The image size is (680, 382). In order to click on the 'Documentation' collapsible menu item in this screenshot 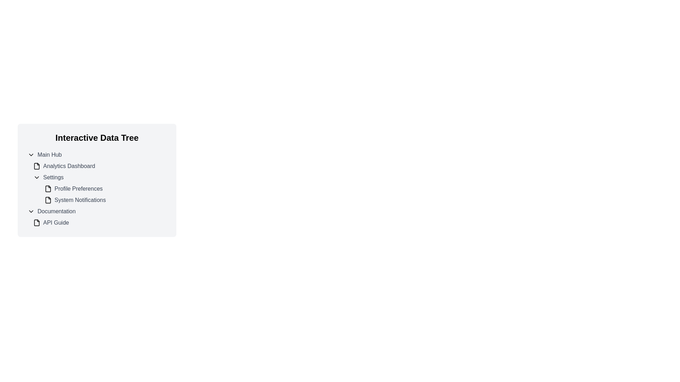, I will do `click(96, 211)`.